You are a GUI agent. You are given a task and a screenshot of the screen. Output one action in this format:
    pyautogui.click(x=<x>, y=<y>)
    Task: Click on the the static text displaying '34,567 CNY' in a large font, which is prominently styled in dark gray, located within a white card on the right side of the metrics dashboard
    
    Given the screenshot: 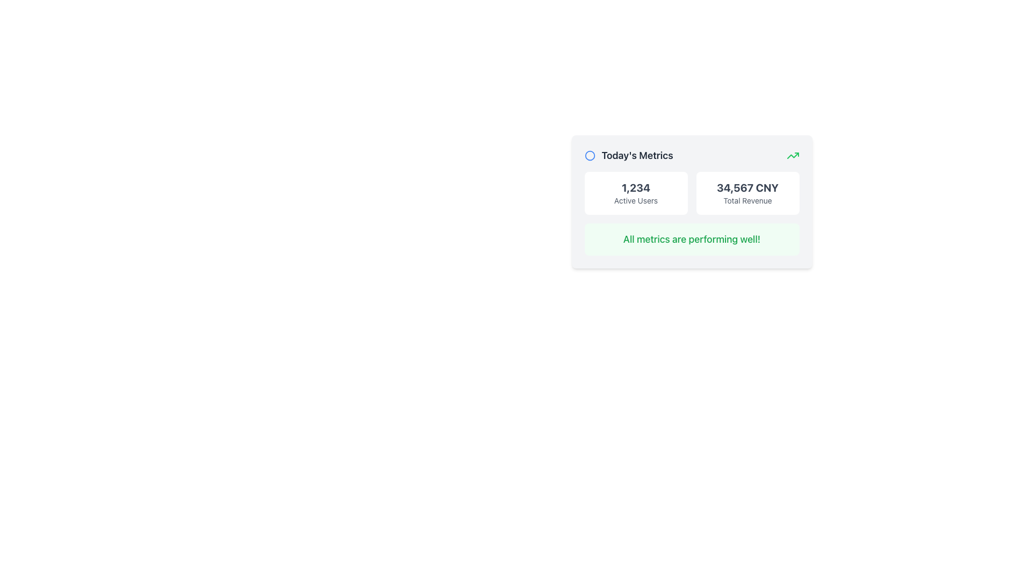 What is the action you would take?
    pyautogui.click(x=747, y=187)
    